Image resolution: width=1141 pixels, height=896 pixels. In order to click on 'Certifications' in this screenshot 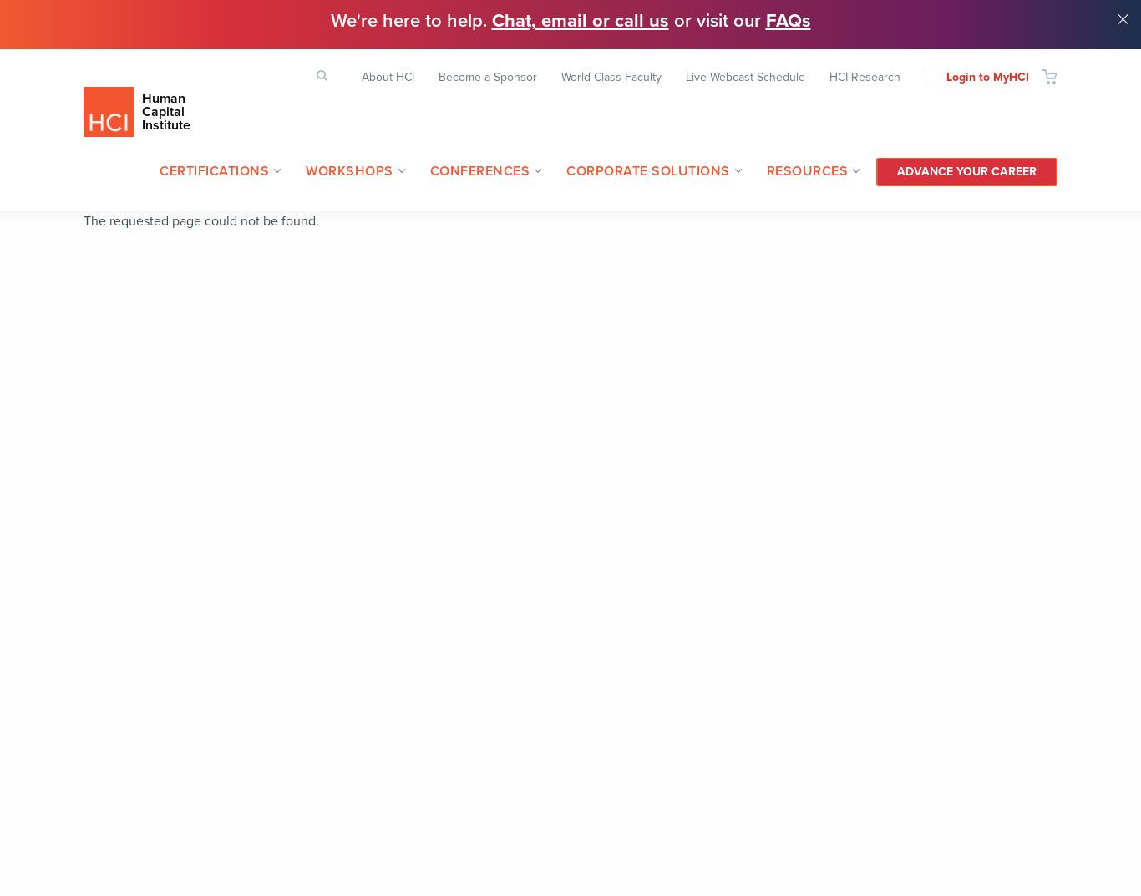, I will do `click(214, 170)`.